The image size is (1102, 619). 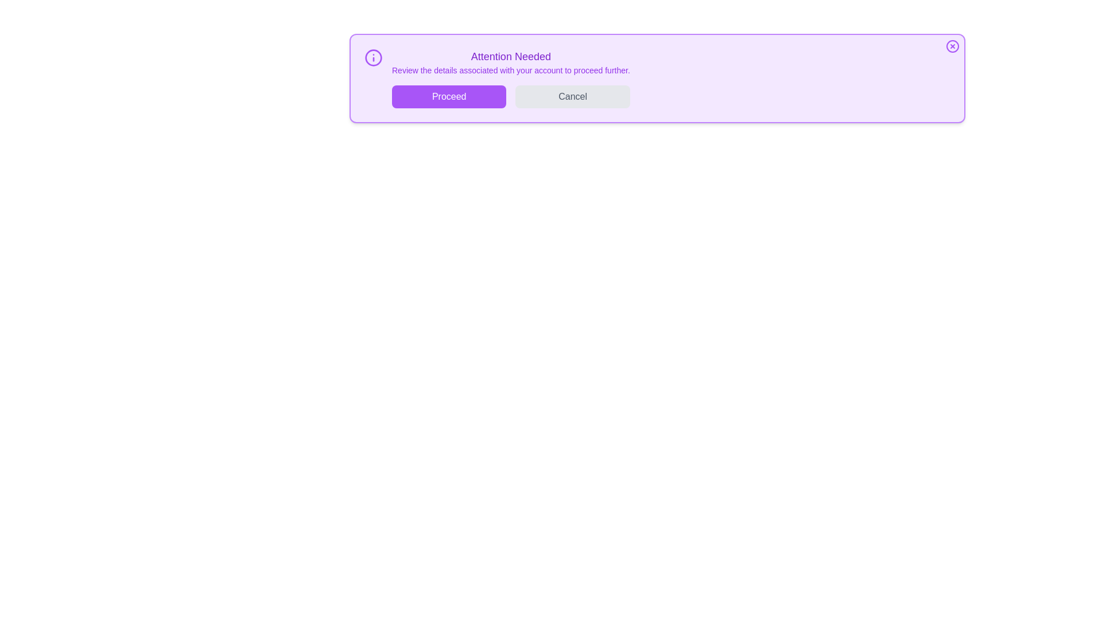 I want to click on the 'Cancel' button to dismiss the alert, so click(x=573, y=96).